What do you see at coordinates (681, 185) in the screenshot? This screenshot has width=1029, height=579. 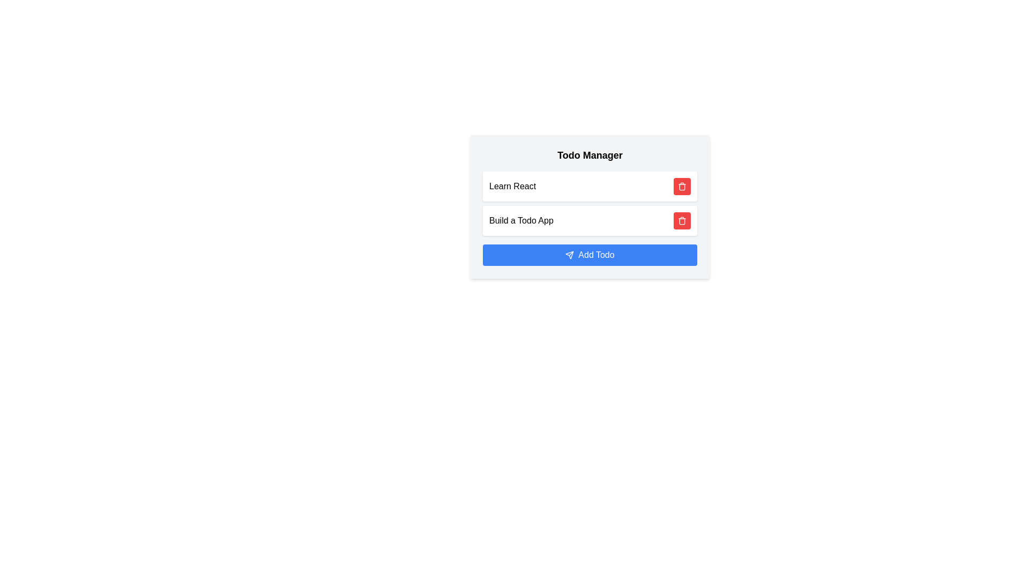 I see `the delete button` at bounding box center [681, 185].